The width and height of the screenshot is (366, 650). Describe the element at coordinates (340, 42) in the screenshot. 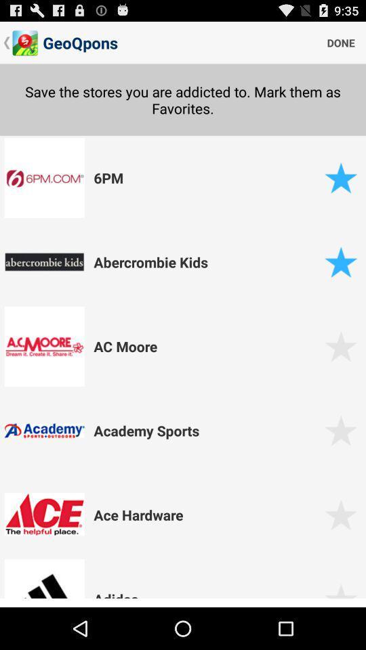

I see `item above save the stores icon` at that location.